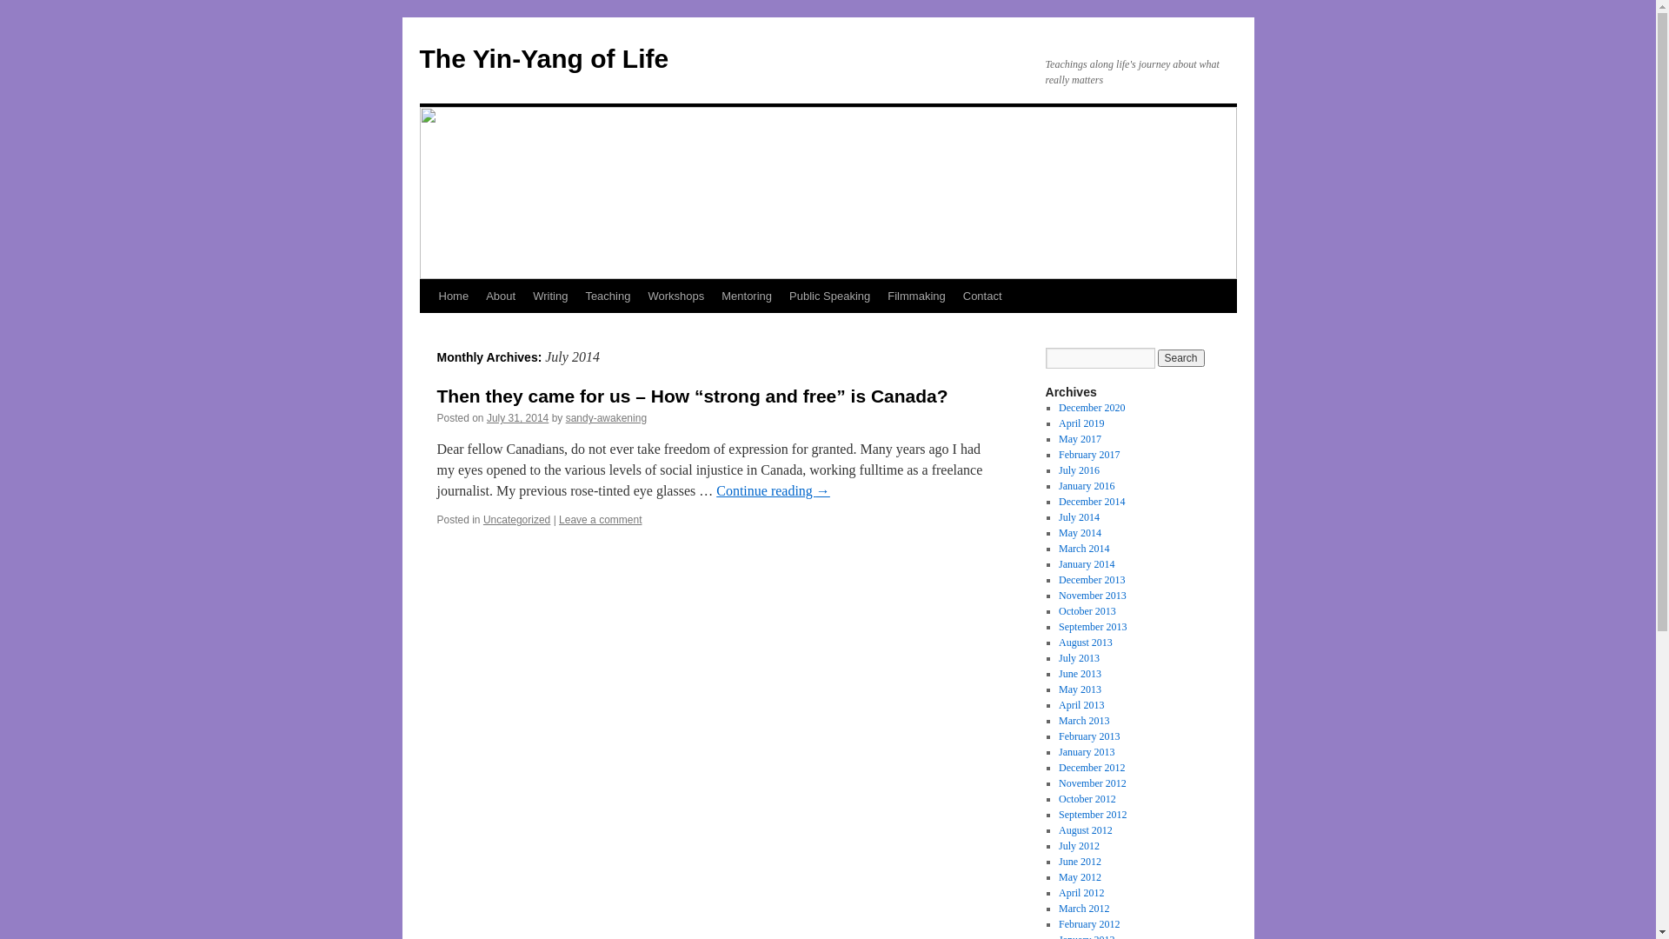 Image resolution: width=1669 pixels, height=939 pixels. I want to click on 'September 2012', so click(1058, 815).